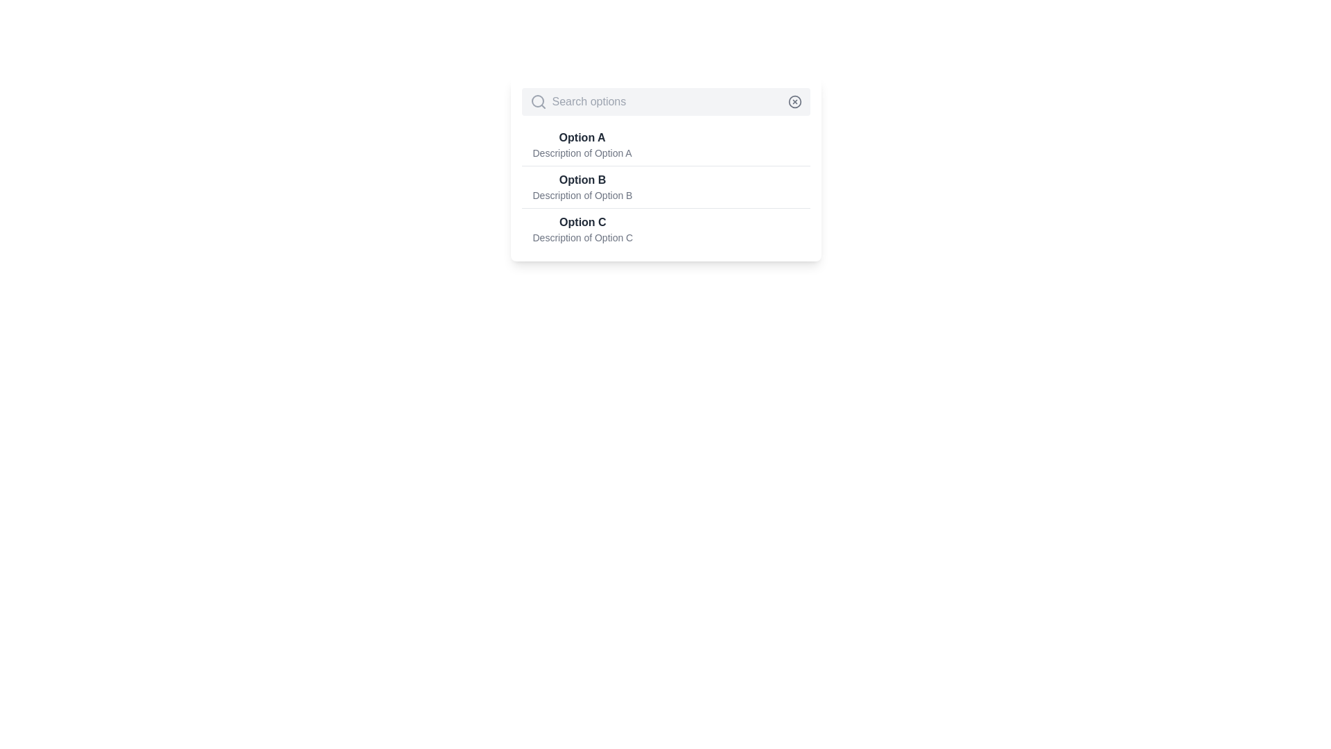 This screenshot has height=749, width=1331. I want to click on the second selectable option in the list, which is labeled 'Option B', so click(665, 168).